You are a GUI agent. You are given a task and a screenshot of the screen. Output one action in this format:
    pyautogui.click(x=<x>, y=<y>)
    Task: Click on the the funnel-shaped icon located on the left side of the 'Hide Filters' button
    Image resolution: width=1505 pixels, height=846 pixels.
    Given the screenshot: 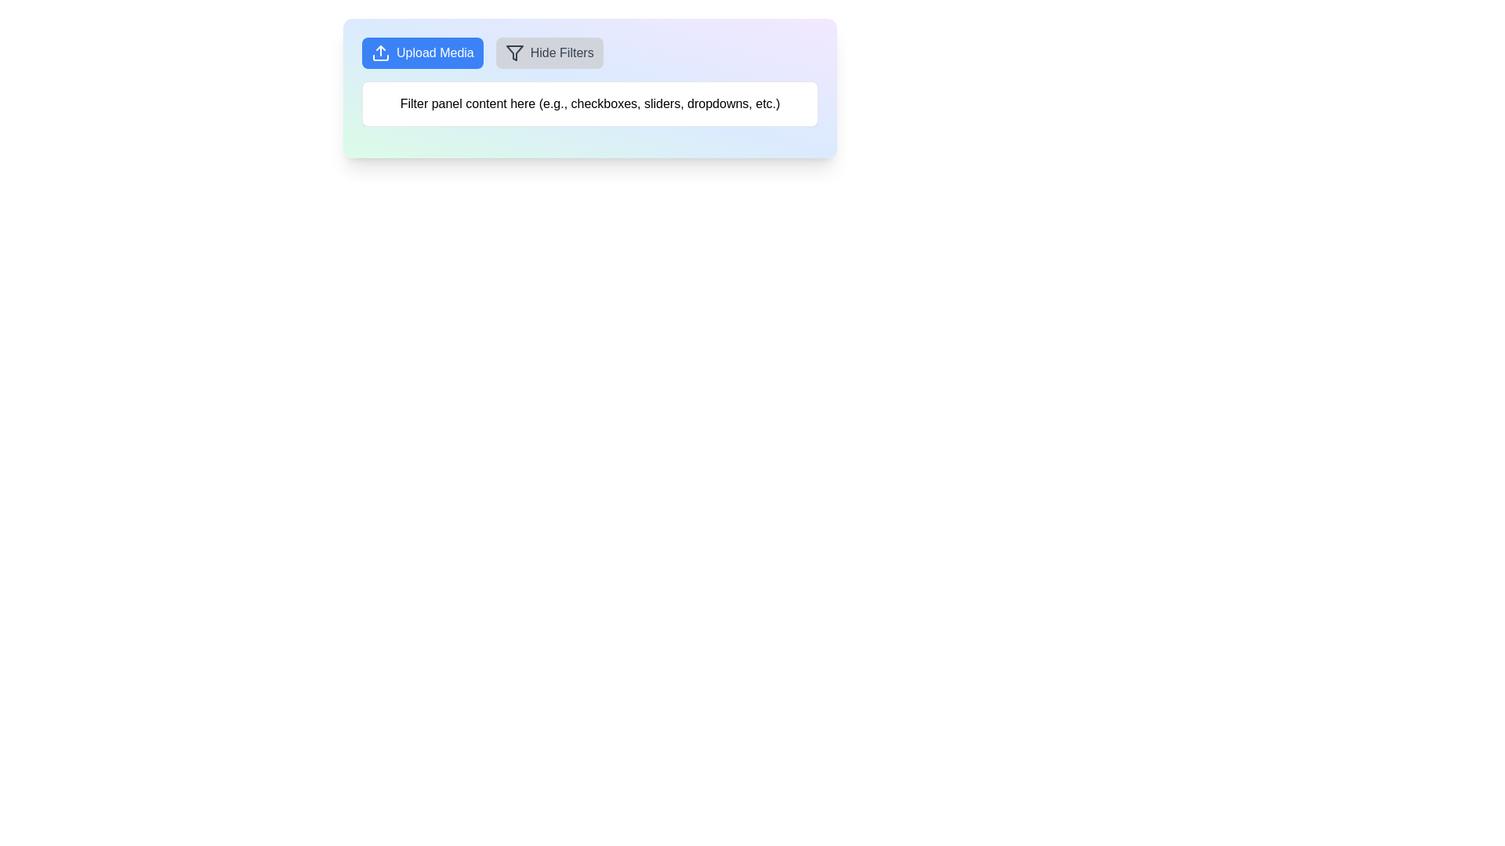 What is the action you would take?
    pyautogui.click(x=514, y=52)
    